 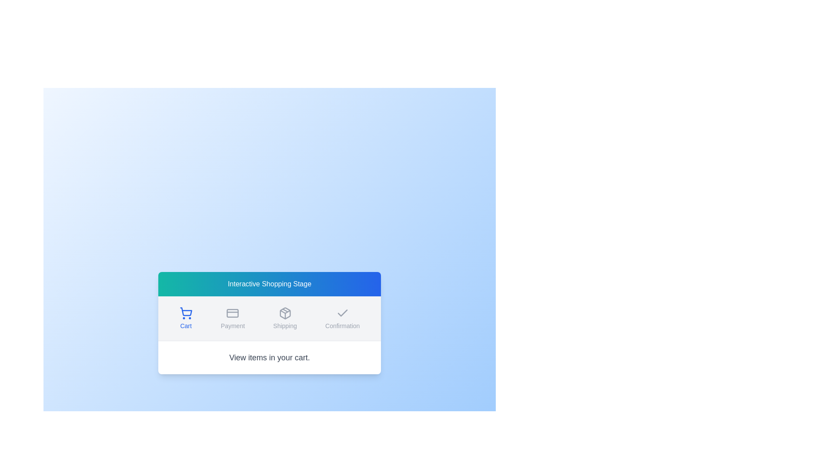 What do you see at coordinates (342, 326) in the screenshot?
I see `the 'Confirmation' text label located at the bottom-center of the navigational interface, directly beneath the checkmark icon` at bounding box center [342, 326].